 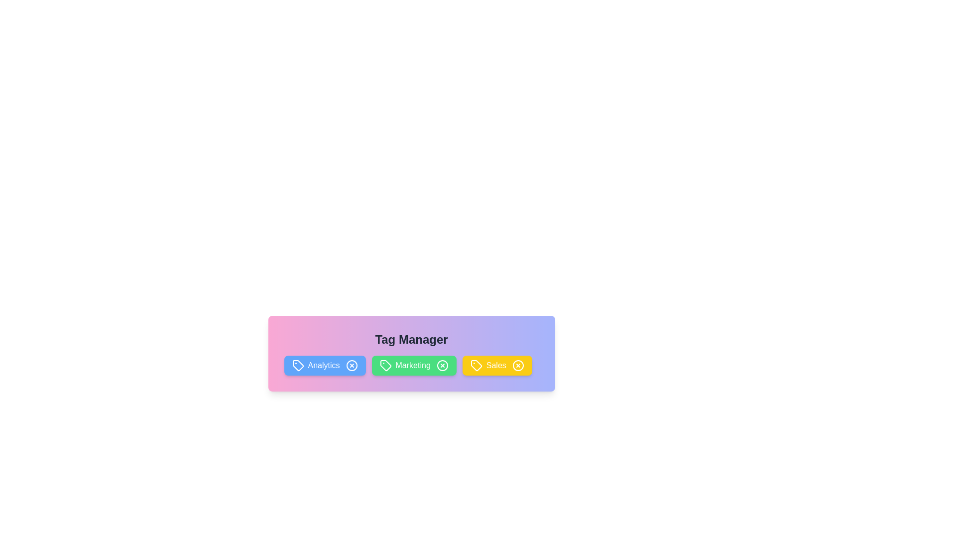 I want to click on the close button of the tag labeled Analytics, so click(x=352, y=365).